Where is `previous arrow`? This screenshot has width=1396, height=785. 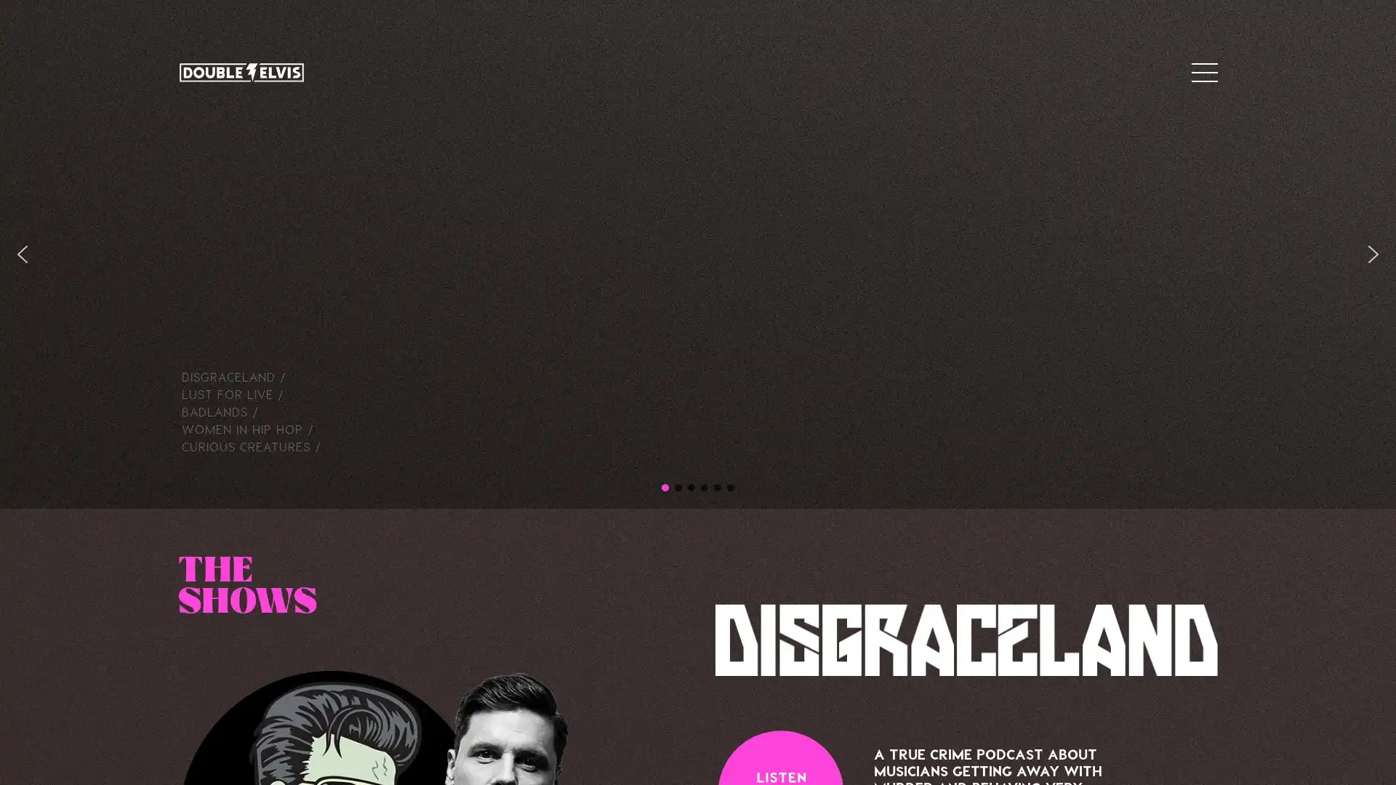
previous arrow is located at coordinates (21, 254).